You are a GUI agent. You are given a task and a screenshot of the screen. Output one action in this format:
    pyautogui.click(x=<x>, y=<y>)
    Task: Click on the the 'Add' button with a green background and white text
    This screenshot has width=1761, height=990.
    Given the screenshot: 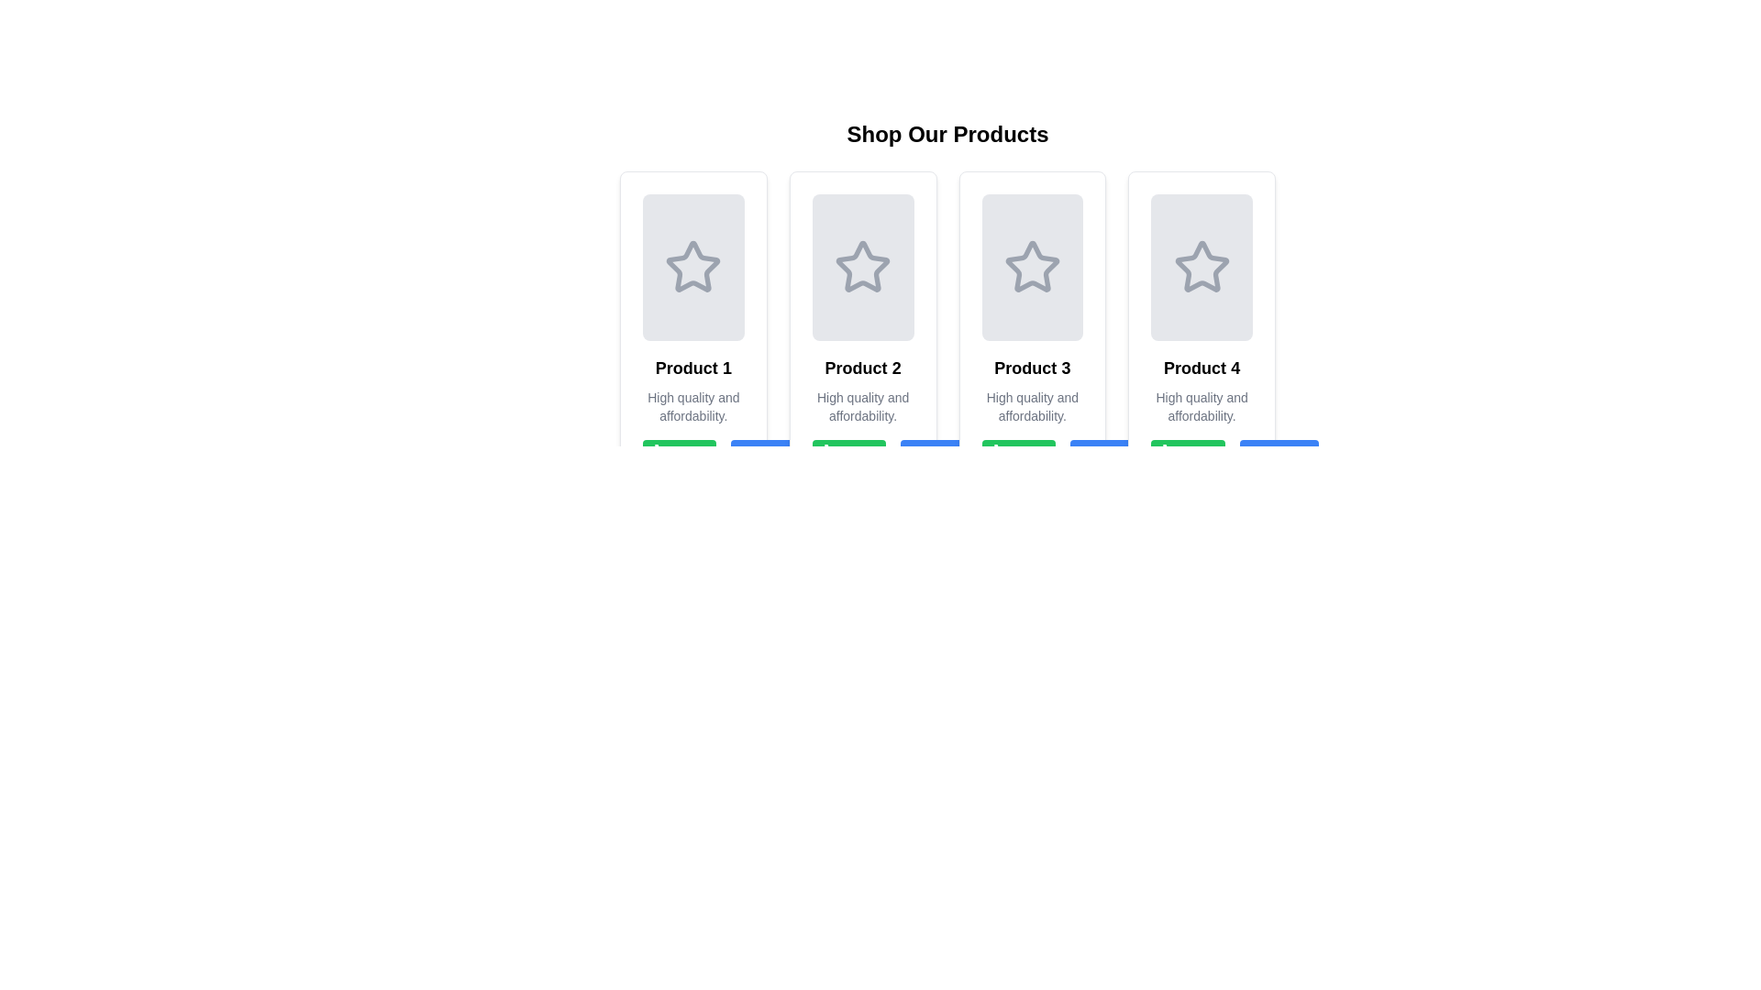 What is the action you would take?
    pyautogui.click(x=1017, y=454)
    